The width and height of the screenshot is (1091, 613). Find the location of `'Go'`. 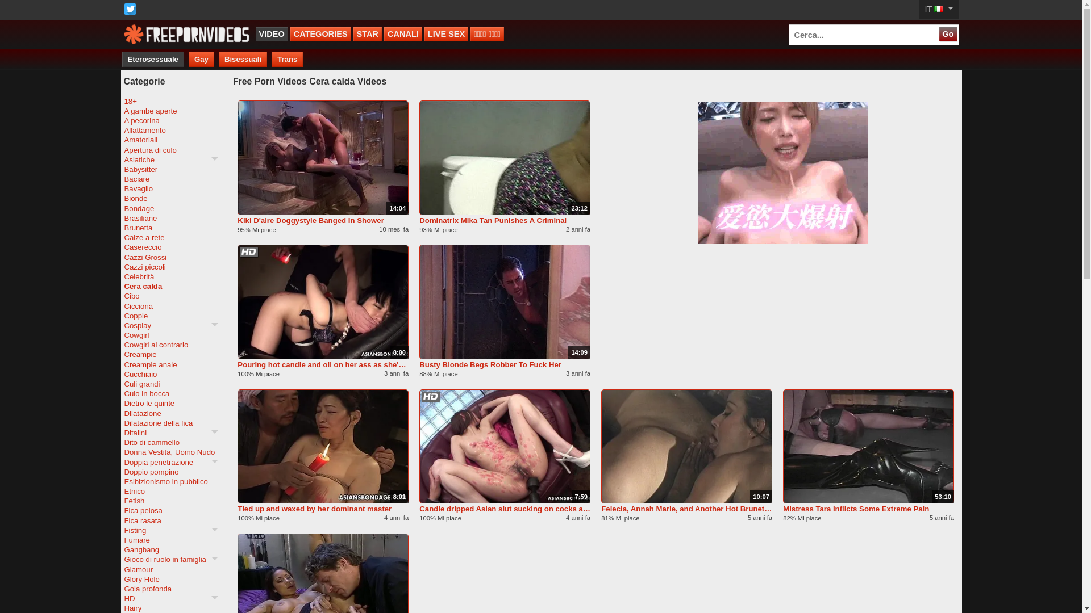

'Go' is located at coordinates (948, 33).